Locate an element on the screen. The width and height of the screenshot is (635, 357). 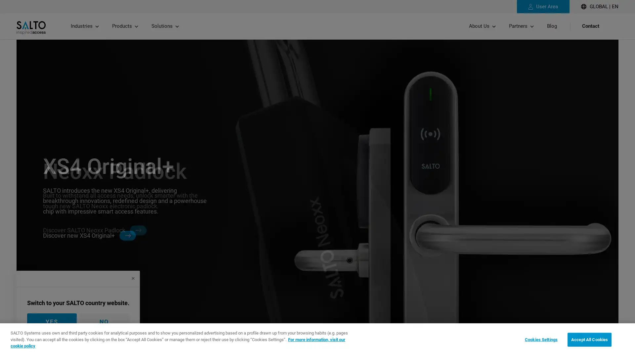
Close is located at coordinates (133, 278).